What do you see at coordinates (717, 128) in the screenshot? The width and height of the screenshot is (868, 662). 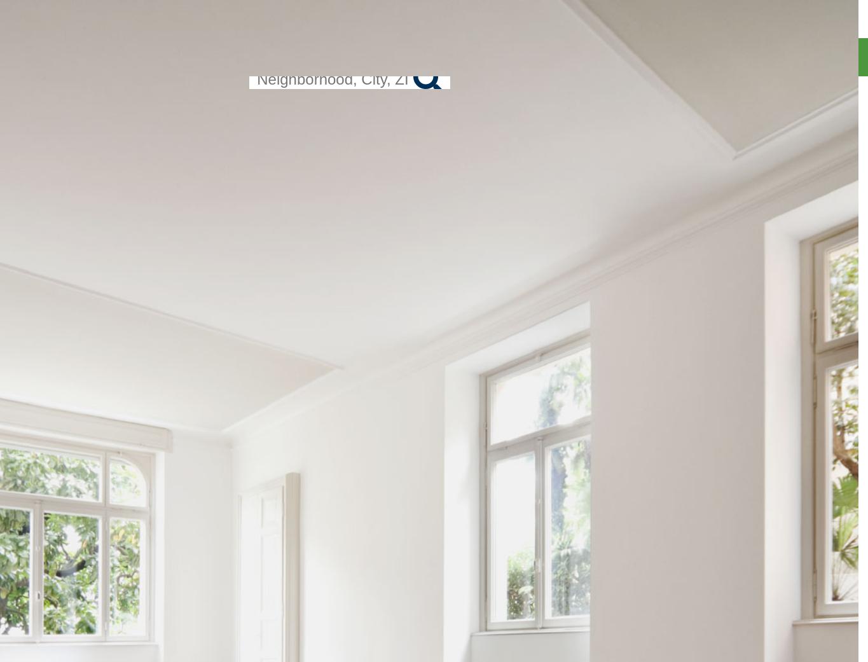 I see `'My Company's Active Listings'` at bounding box center [717, 128].